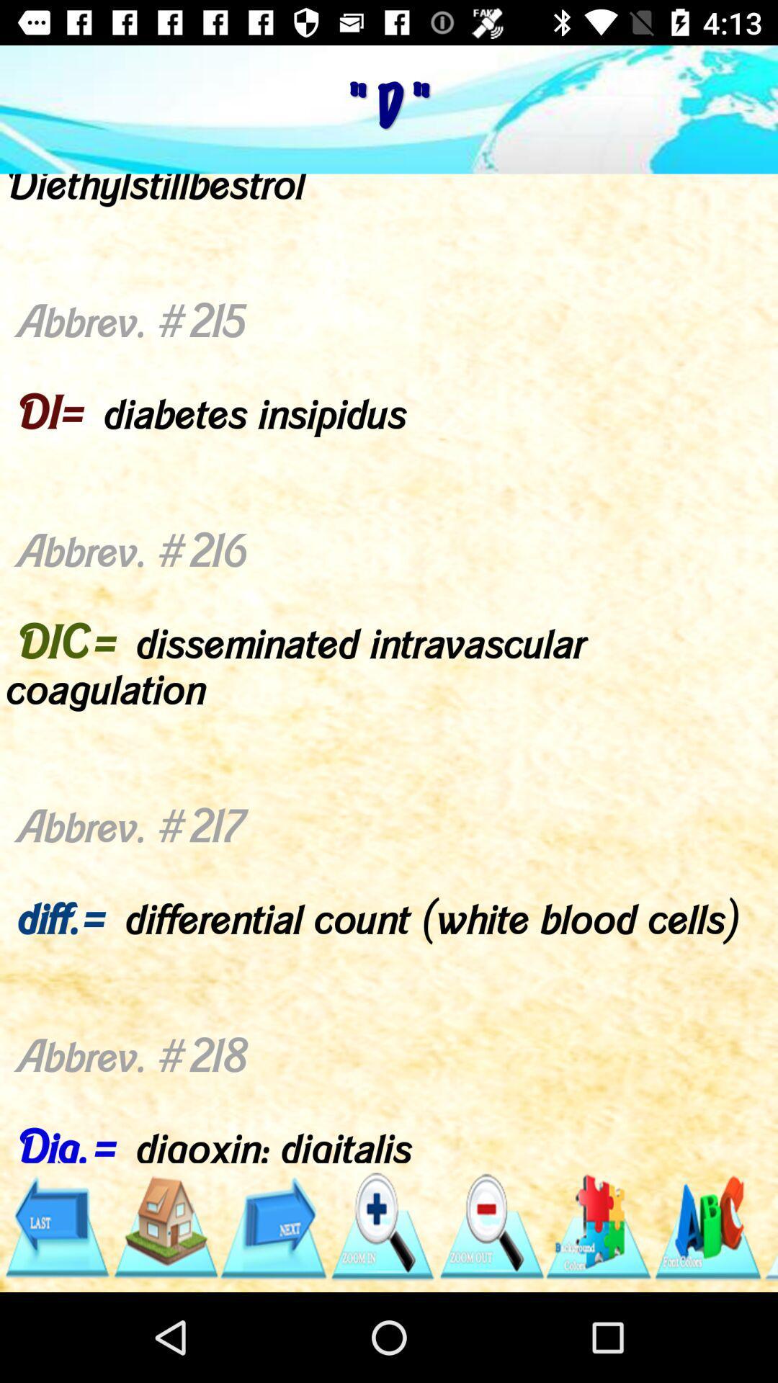  What do you see at coordinates (164, 1226) in the screenshot?
I see `home` at bounding box center [164, 1226].